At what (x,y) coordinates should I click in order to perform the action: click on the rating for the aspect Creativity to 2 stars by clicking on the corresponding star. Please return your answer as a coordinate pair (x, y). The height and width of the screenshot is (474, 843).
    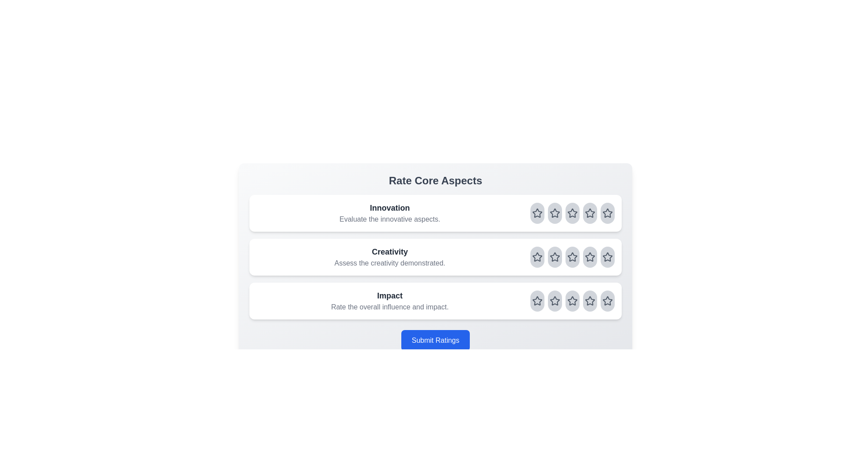
    Looking at the image, I should click on (554, 257).